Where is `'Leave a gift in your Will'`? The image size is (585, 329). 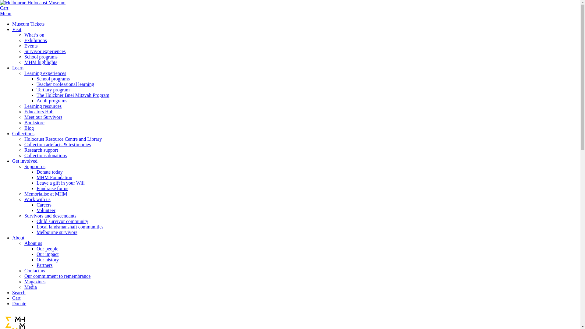 'Leave a gift in your Will' is located at coordinates (60, 182).